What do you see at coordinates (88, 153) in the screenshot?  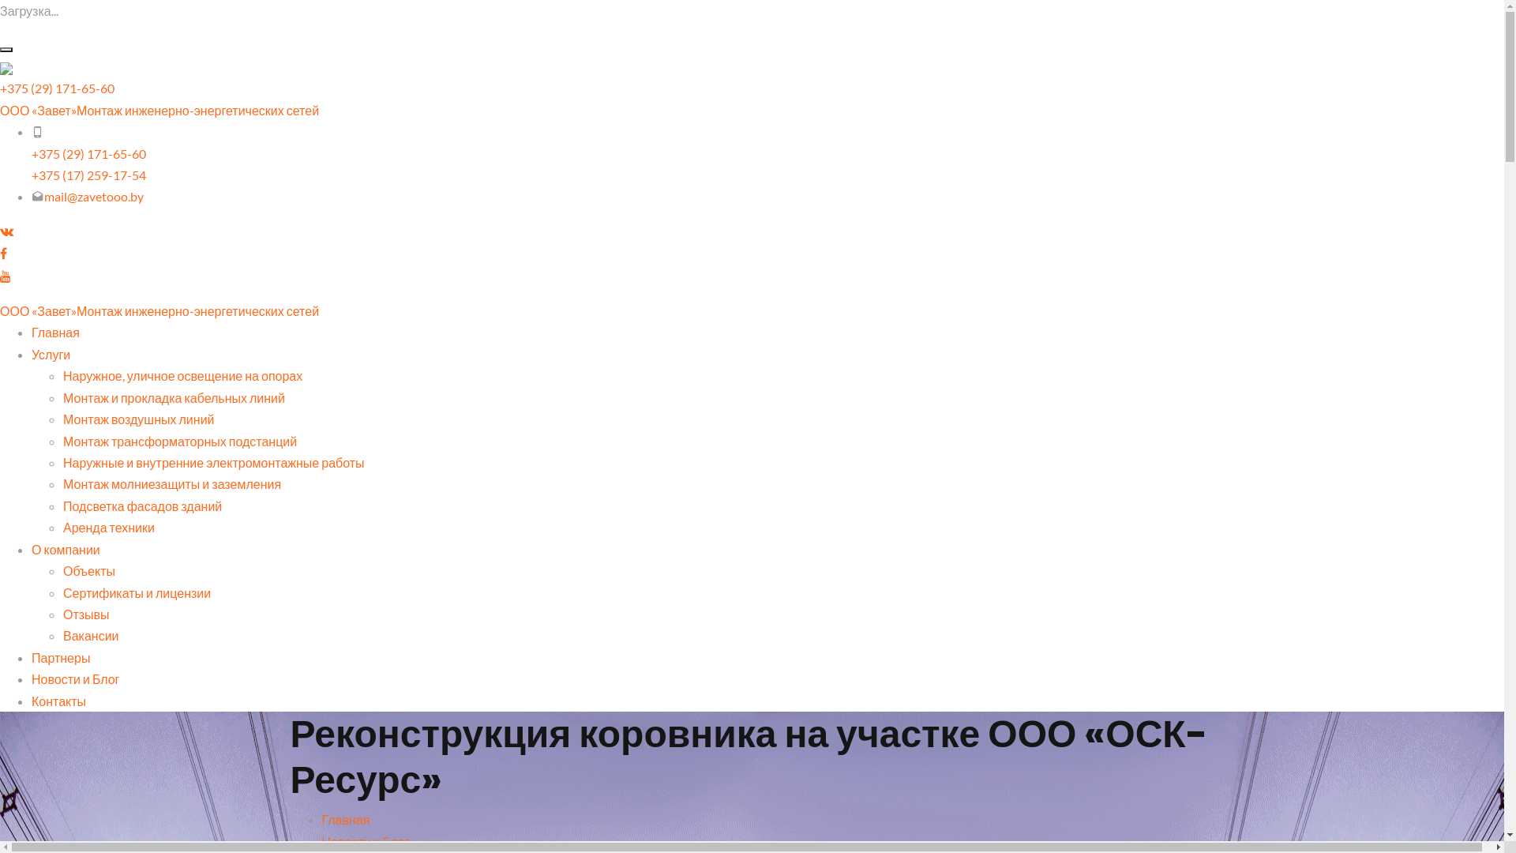 I see `'+375 (29) 171-65-60'` at bounding box center [88, 153].